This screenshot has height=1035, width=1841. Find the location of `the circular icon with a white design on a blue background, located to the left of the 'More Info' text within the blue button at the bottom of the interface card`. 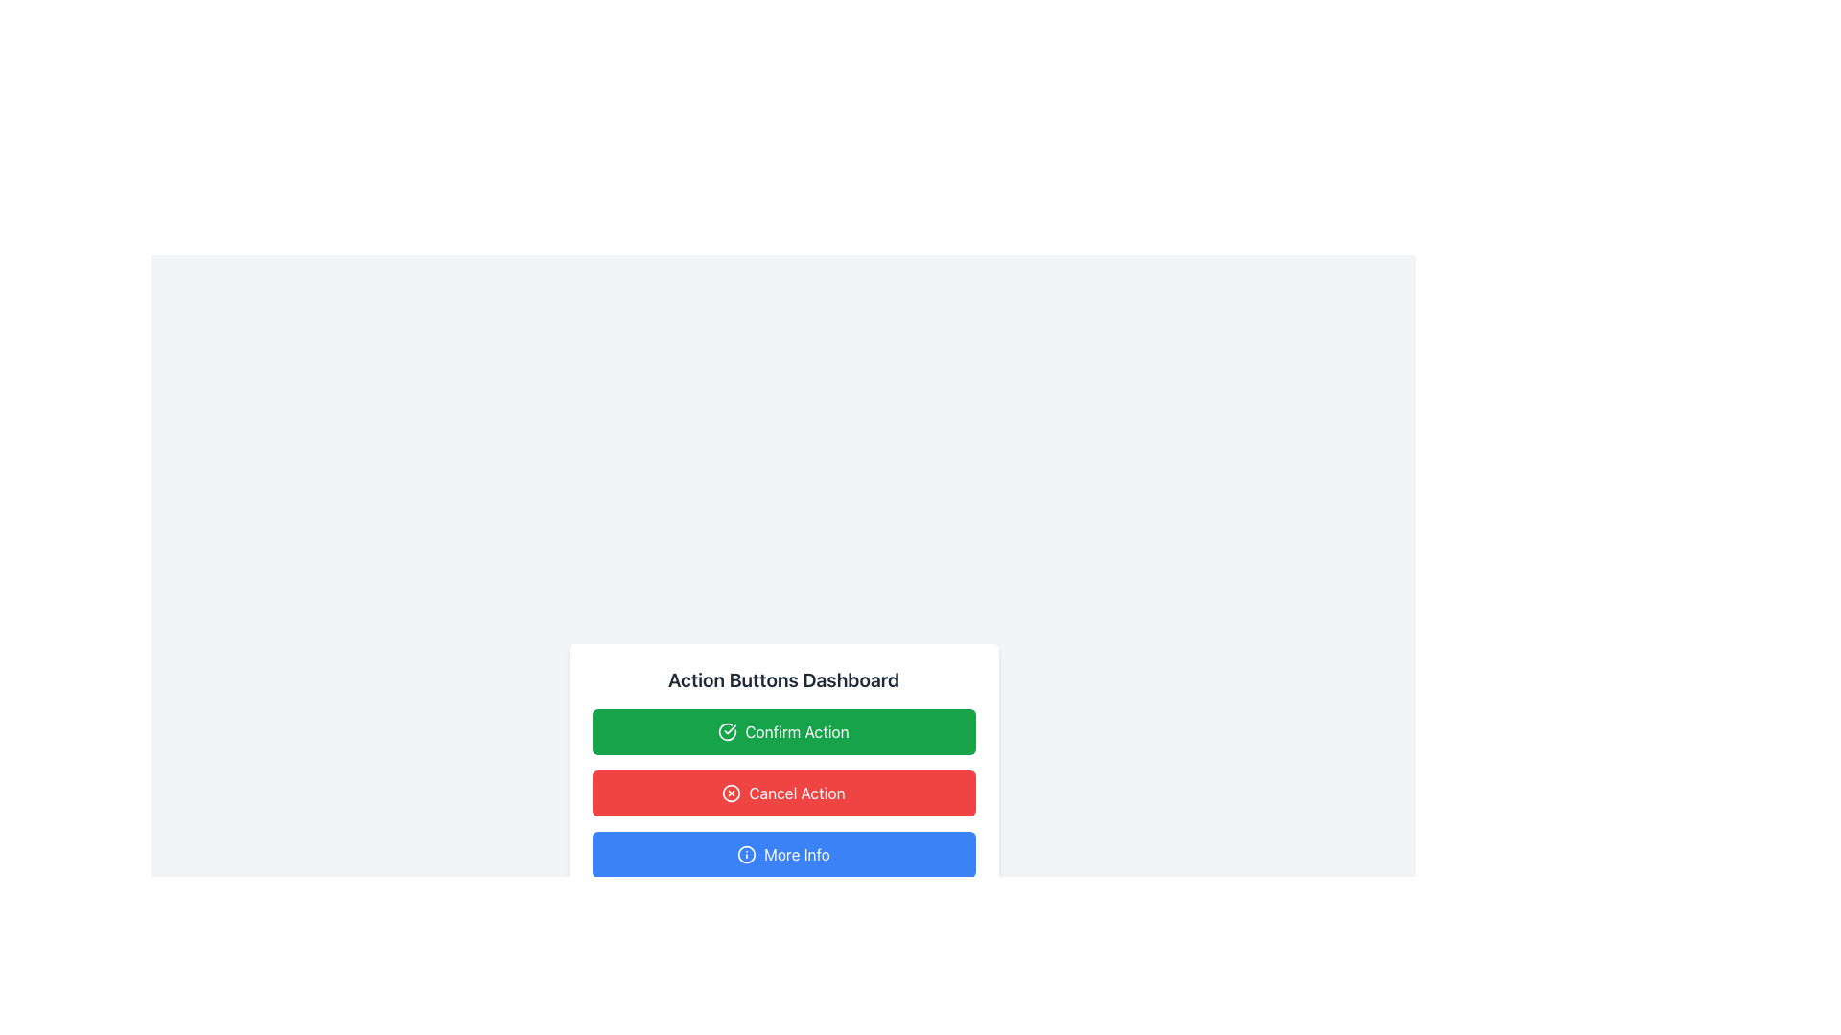

the circular icon with a white design on a blue background, located to the left of the 'More Info' text within the blue button at the bottom of the interface card is located at coordinates (746, 853).